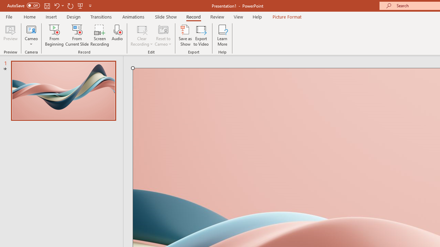 The width and height of the screenshot is (440, 247). I want to click on 'Review', so click(217, 16).